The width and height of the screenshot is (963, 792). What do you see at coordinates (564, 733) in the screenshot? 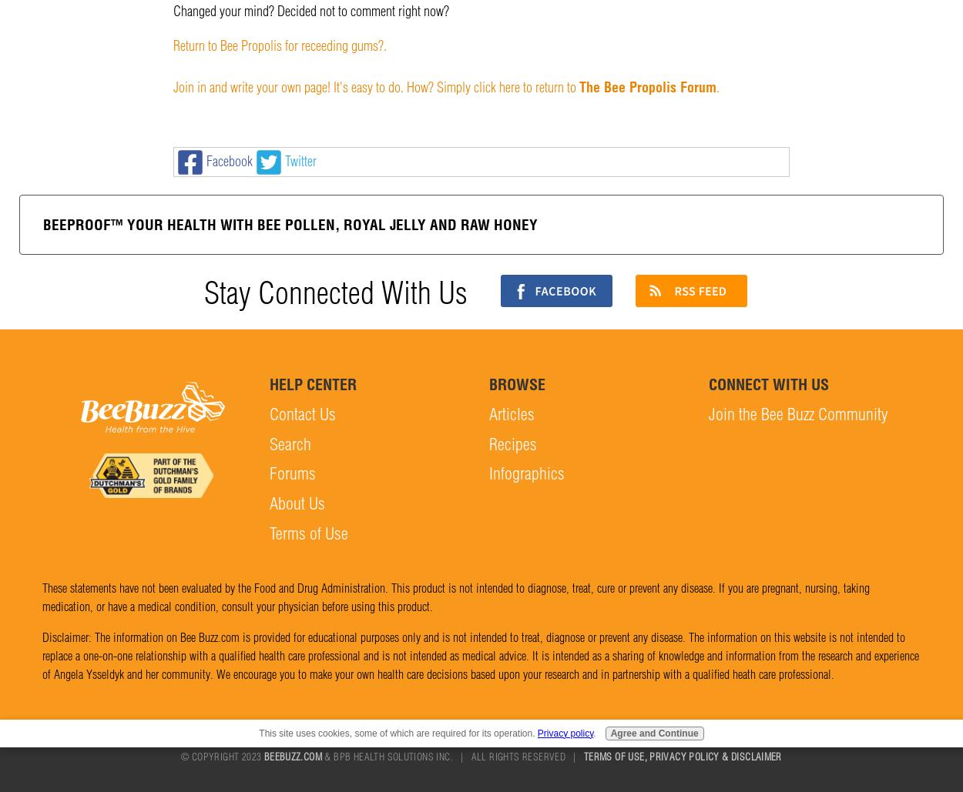
I see `'Privacy policy'` at bounding box center [564, 733].